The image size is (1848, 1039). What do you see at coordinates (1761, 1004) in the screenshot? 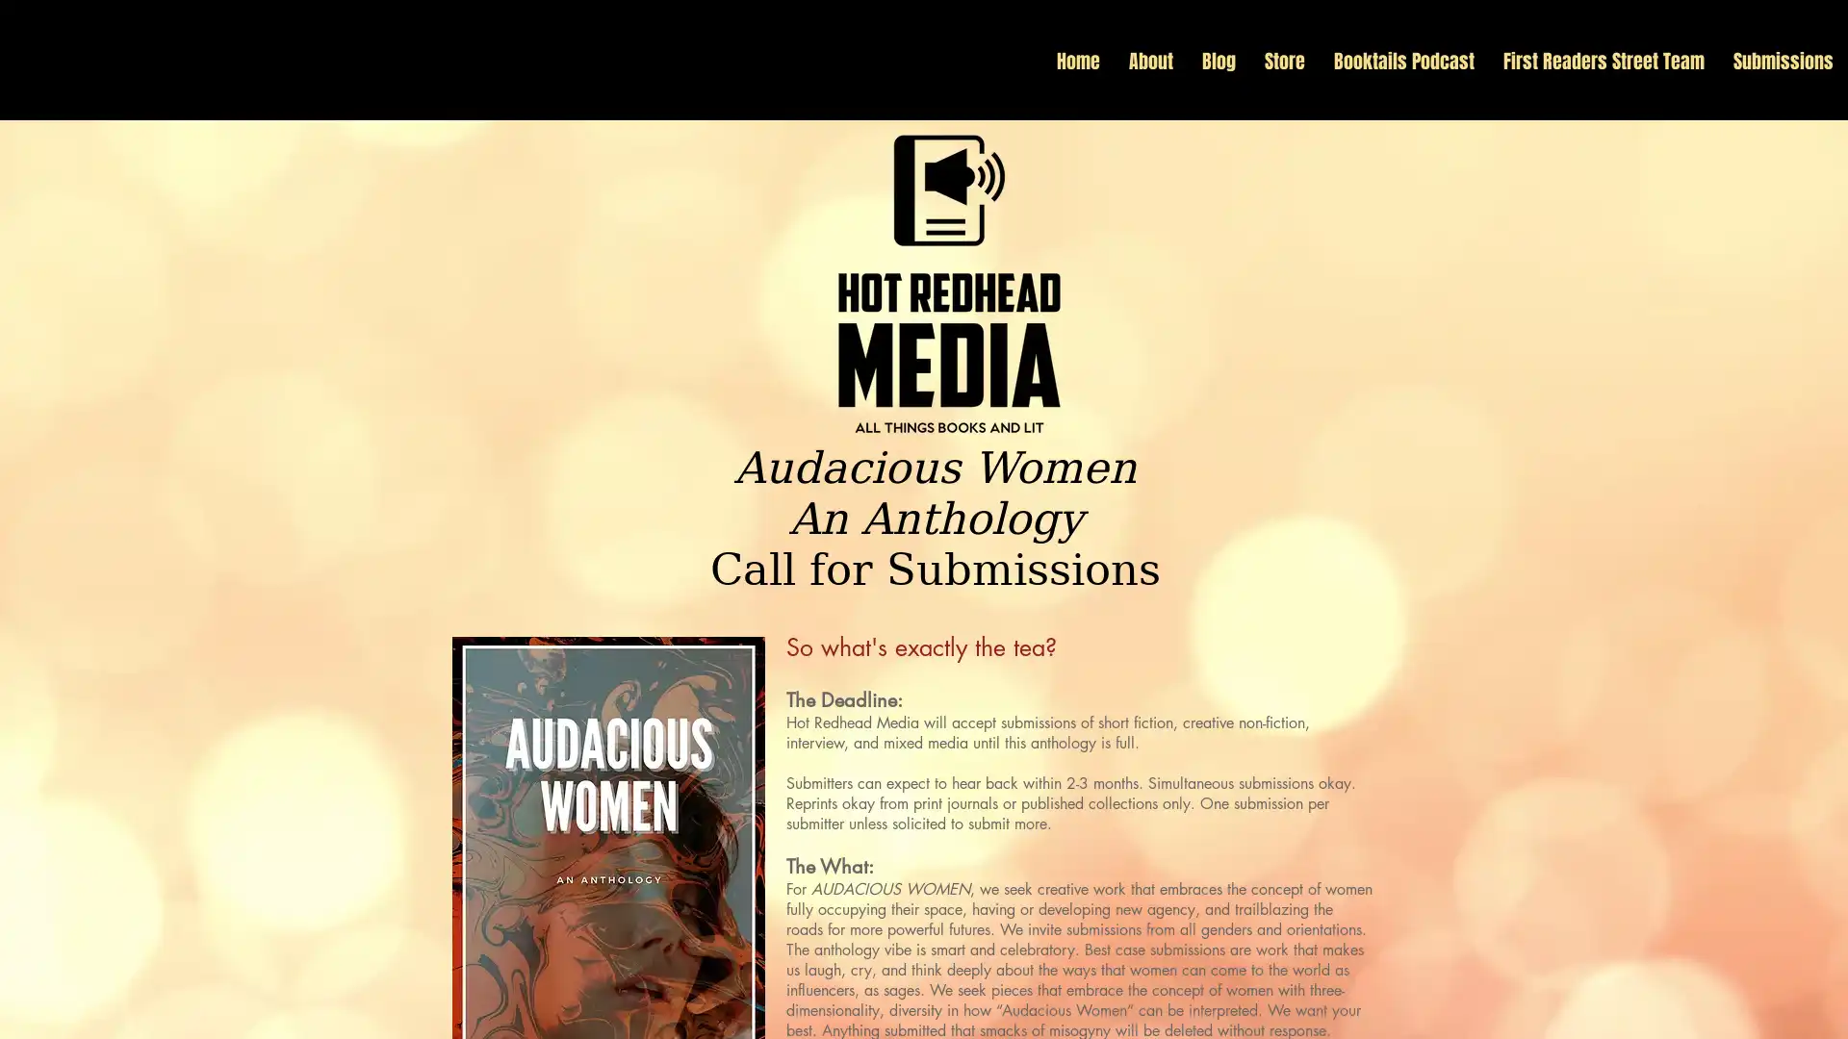
I see `Accept` at bounding box center [1761, 1004].